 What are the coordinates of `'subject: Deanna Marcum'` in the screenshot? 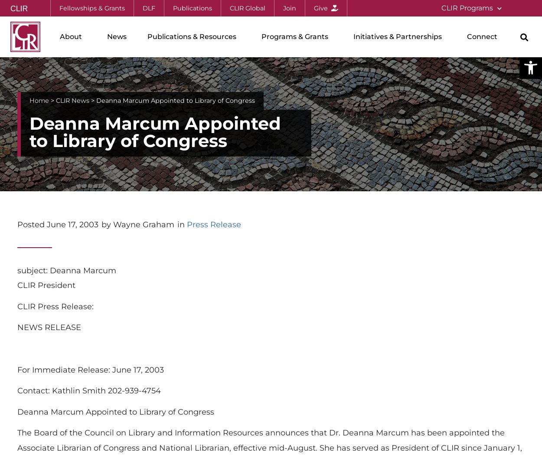 It's located at (17, 270).